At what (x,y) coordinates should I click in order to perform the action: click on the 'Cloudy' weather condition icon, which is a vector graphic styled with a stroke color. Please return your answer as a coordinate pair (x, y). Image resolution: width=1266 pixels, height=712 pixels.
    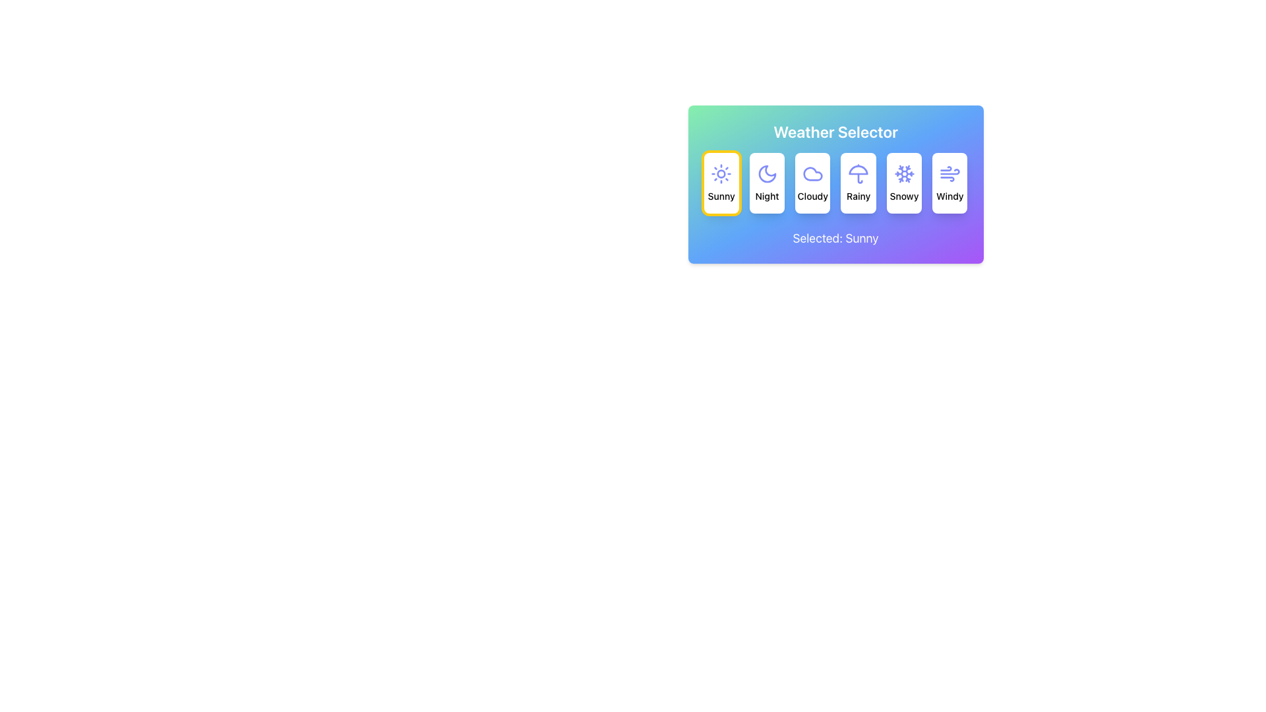
    Looking at the image, I should click on (812, 173).